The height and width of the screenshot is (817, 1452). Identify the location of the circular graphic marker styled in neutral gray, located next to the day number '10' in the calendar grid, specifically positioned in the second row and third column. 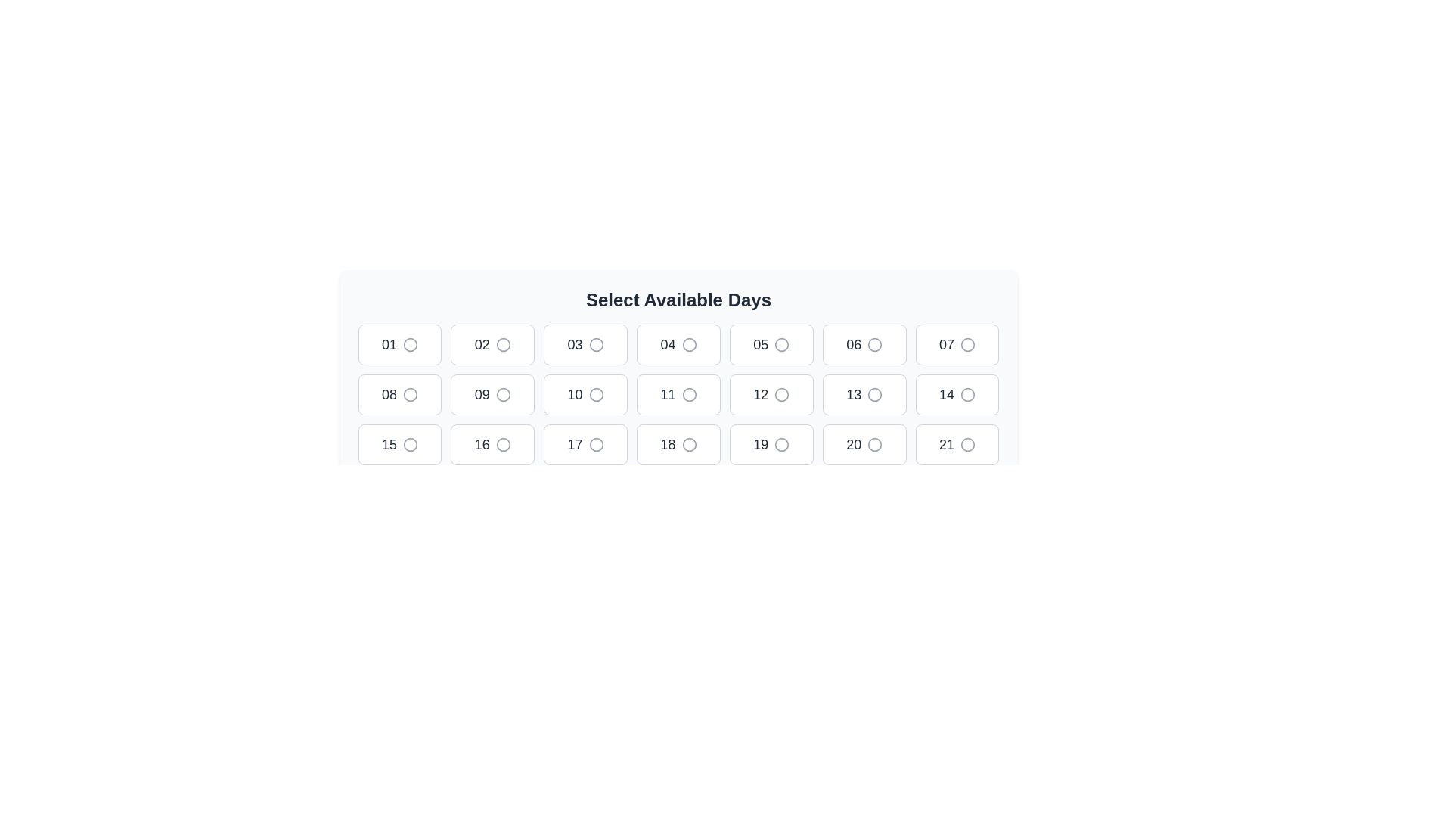
(595, 393).